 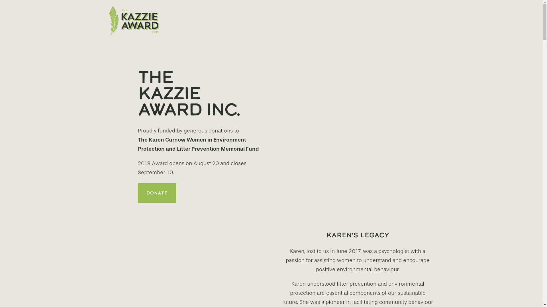 What do you see at coordinates (157, 192) in the screenshot?
I see `'DONATE'` at bounding box center [157, 192].